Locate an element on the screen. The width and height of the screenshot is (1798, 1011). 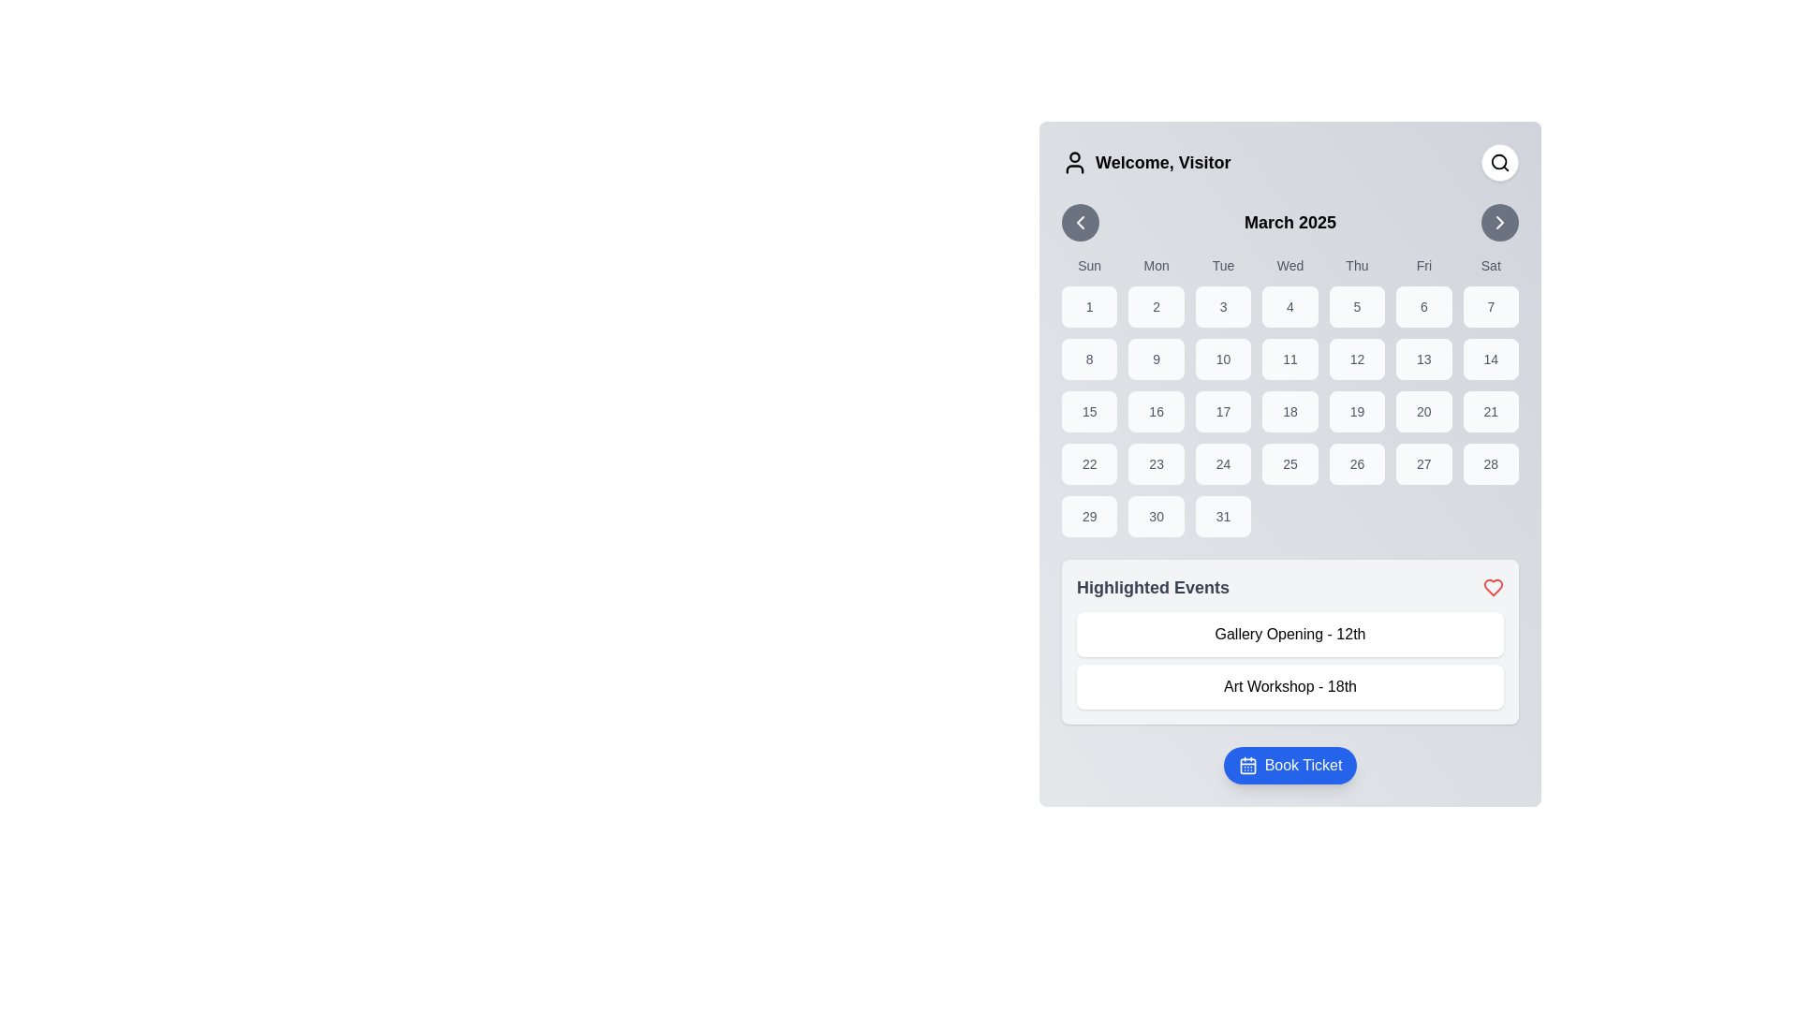
the selectable day in the calendar grid located in the last row, second column under the 'Mon' column heading is located at coordinates (1155, 516).